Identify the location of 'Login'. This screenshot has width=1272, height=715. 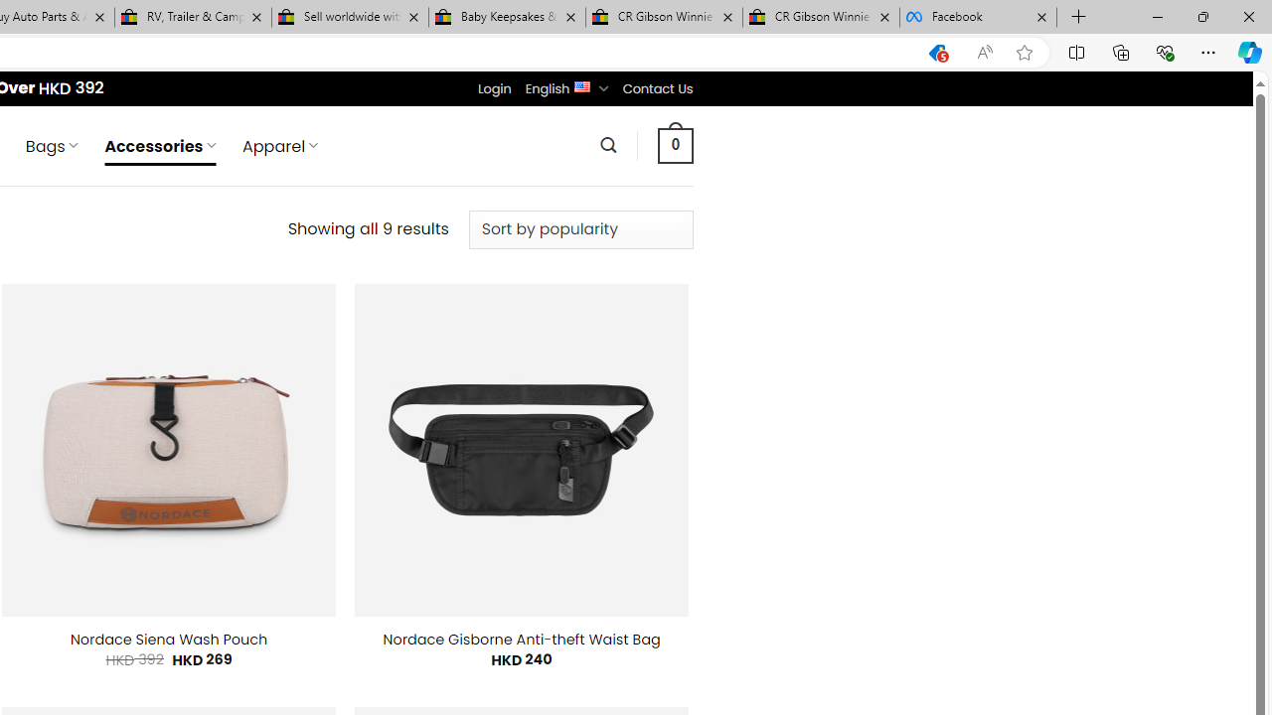
(494, 87).